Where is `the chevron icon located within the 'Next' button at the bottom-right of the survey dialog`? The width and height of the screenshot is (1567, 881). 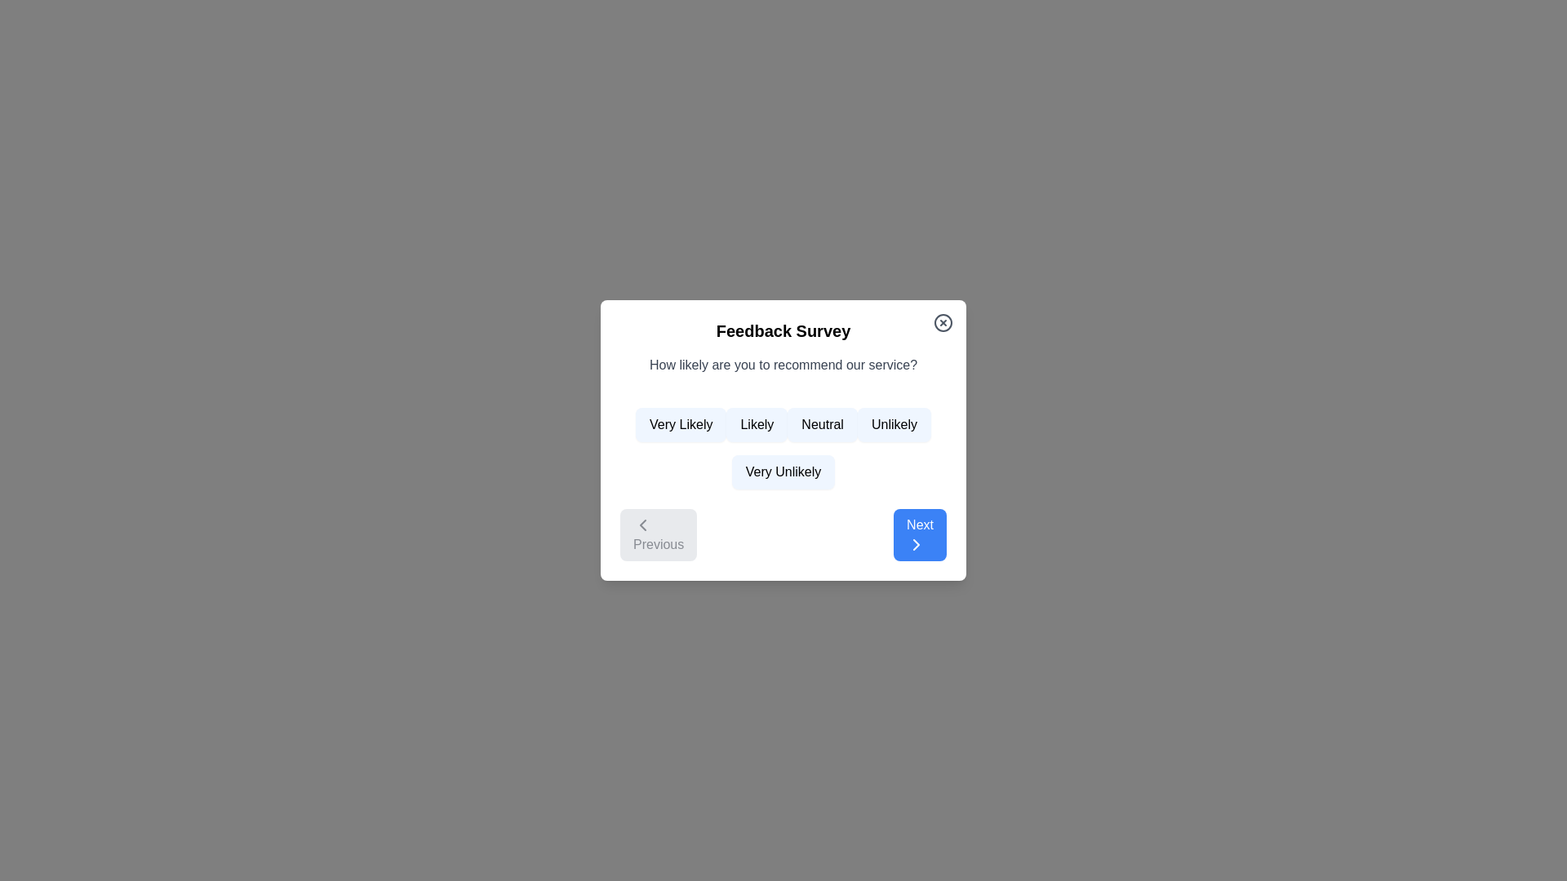
the chevron icon located within the 'Next' button at the bottom-right of the survey dialog is located at coordinates (917, 544).